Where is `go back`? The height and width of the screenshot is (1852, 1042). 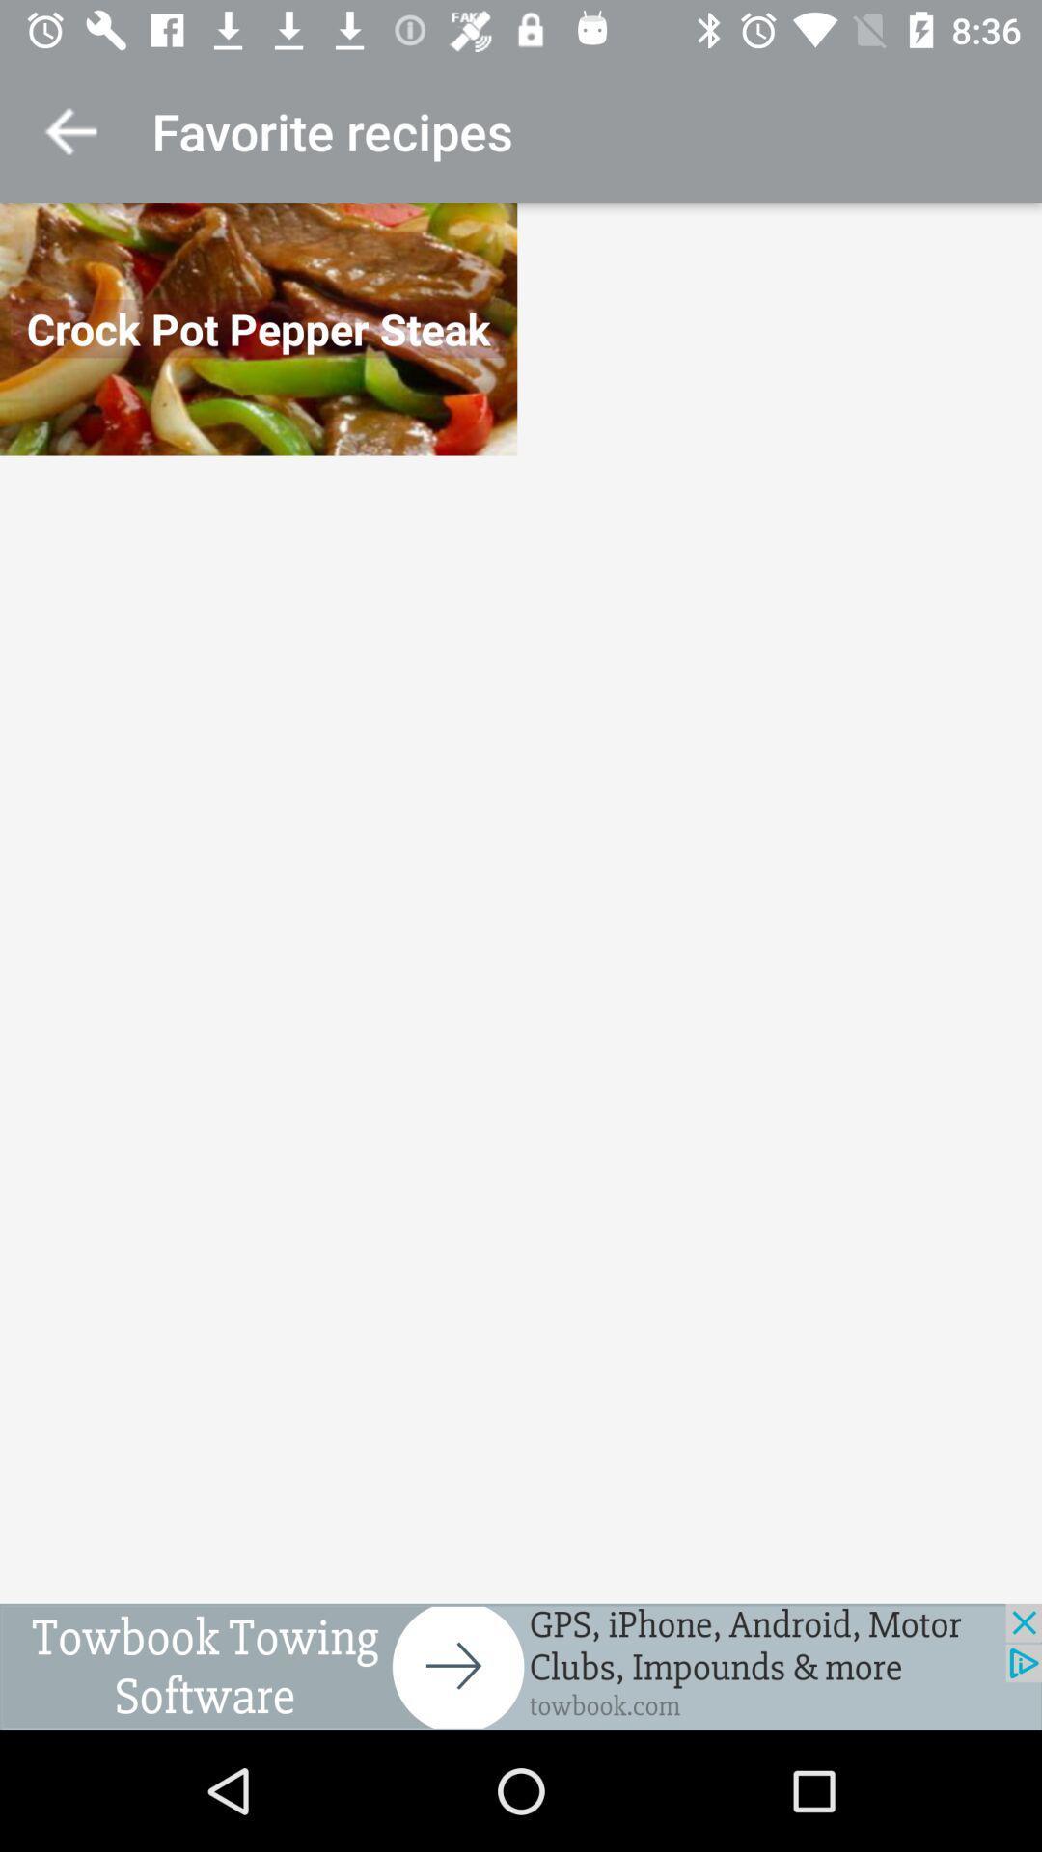 go back is located at coordinates (69, 130).